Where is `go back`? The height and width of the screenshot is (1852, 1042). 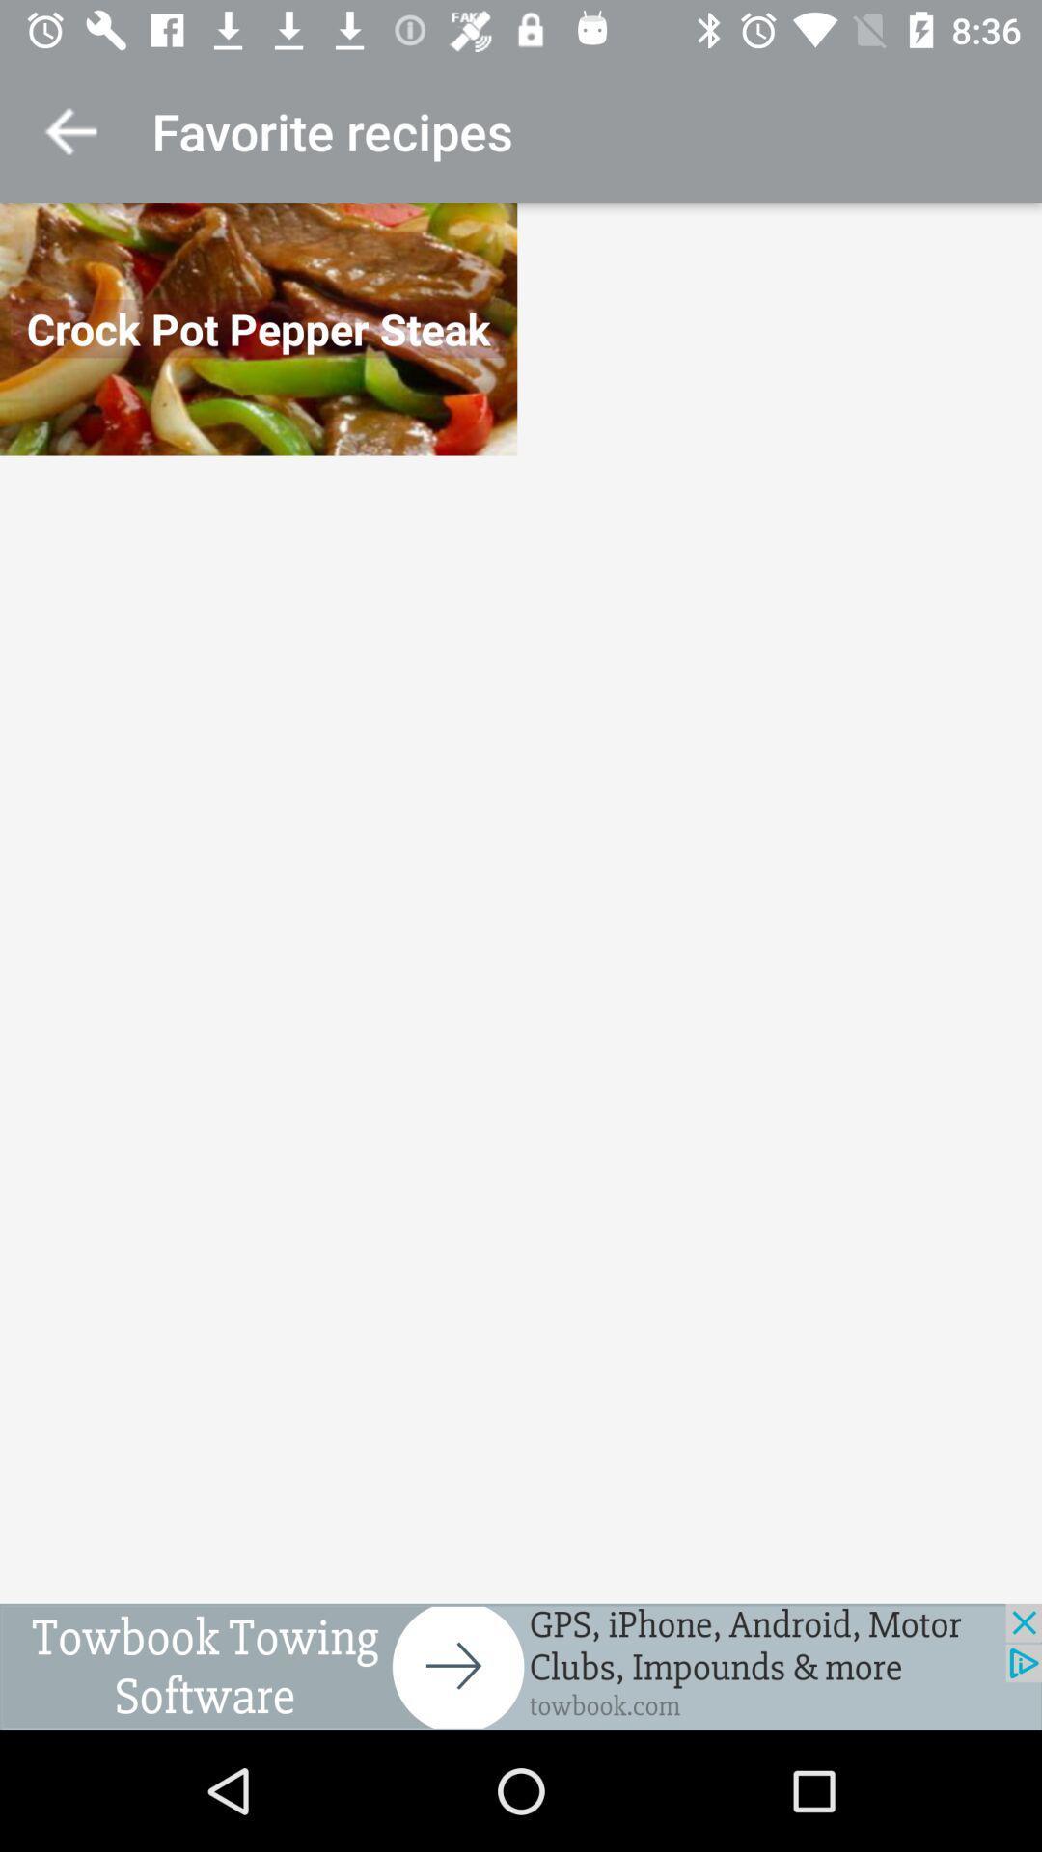 go back is located at coordinates (69, 130).